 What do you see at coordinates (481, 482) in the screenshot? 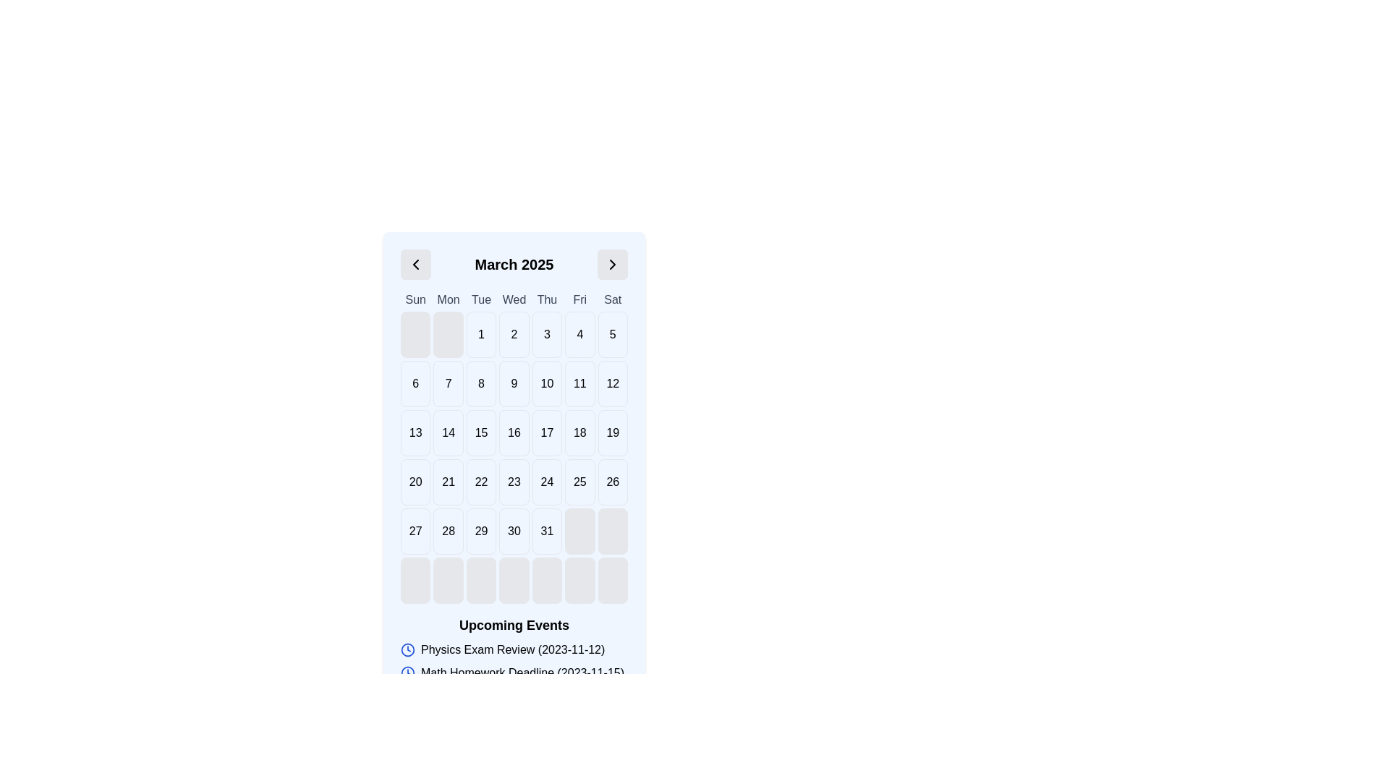
I see `the Calendar Day Cell representing the 22nd of the month` at bounding box center [481, 482].